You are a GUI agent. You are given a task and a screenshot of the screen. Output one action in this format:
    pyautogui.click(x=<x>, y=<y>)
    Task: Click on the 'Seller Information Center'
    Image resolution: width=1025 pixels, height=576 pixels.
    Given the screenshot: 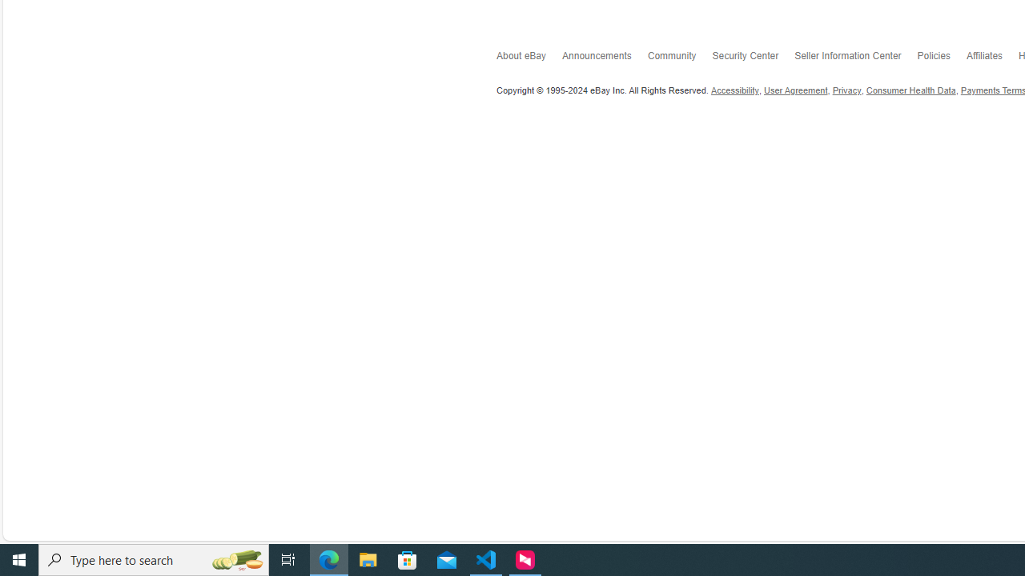 What is the action you would take?
    pyautogui.click(x=854, y=58)
    